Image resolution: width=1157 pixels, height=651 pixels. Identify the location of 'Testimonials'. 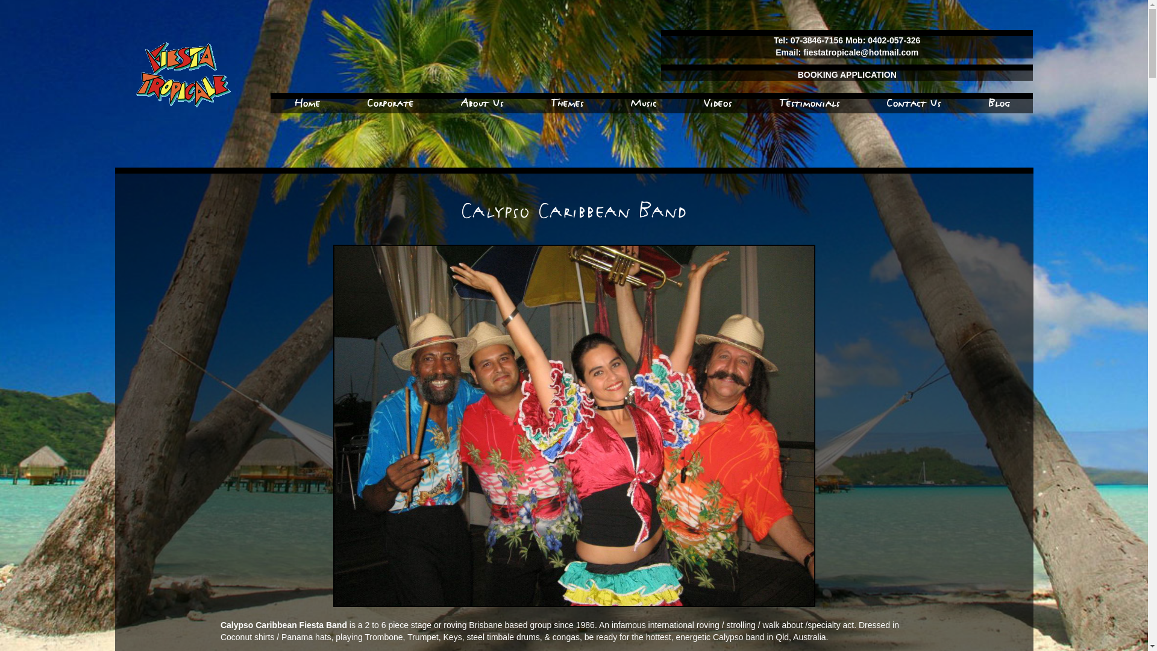
(809, 102).